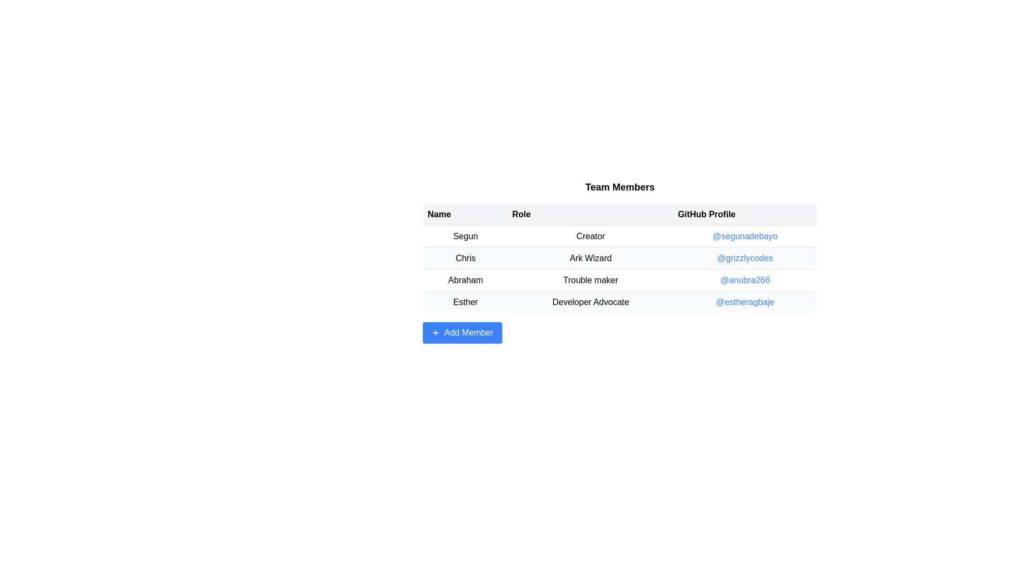 The width and height of the screenshot is (1029, 578). What do you see at coordinates (620, 187) in the screenshot?
I see `the 'Team Members' section header, which is displayed in bold font and serves as a title above the team members table` at bounding box center [620, 187].